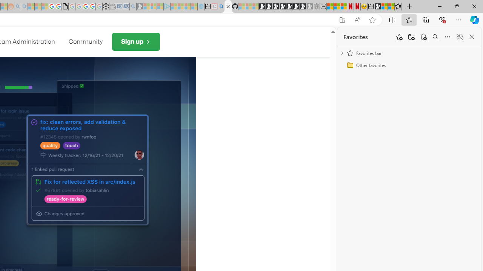 The width and height of the screenshot is (483, 271). I want to click on 'New tab', so click(371, 6).